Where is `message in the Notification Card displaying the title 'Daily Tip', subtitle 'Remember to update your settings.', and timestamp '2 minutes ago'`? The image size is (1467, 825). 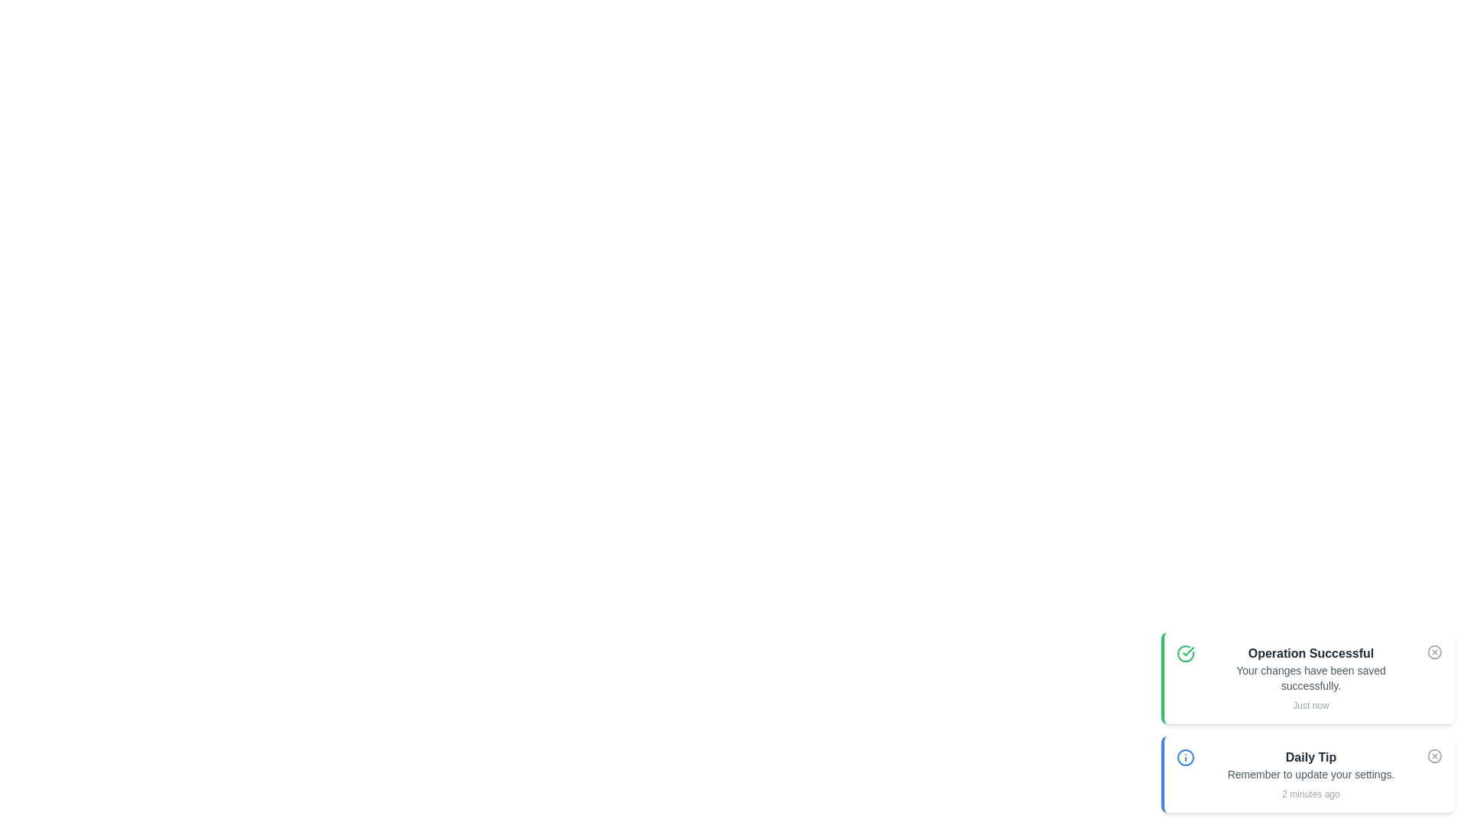 message in the Notification Card displaying the title 'Daily Tip', subtitle 'Remember to update your settings.', and timestamp '2 minutes ago' is located at coordinates (1310, 775).